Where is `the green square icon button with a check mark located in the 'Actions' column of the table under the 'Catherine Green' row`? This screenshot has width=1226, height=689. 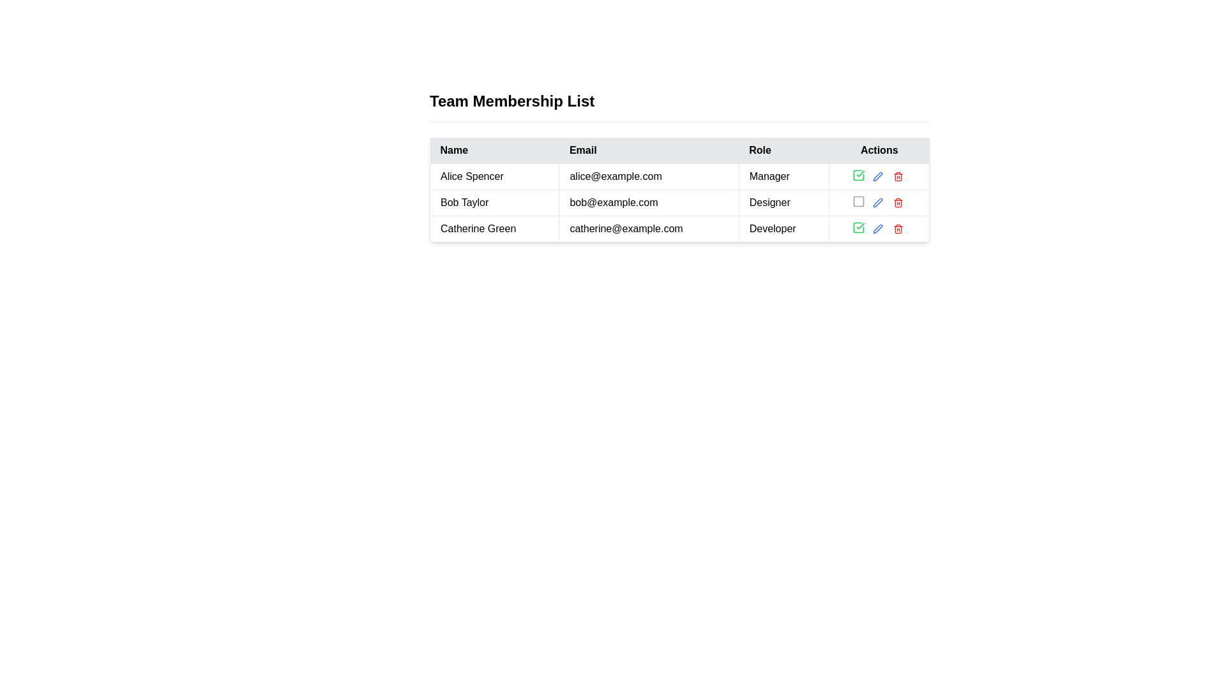 the green square icon button with a check mark located in the 'Actions' column of the table under the 'Catherine Green' row is located at coordinates (859, 227).